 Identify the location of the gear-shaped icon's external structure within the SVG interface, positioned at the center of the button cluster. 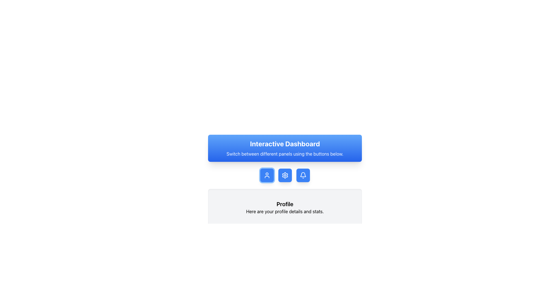
(285, 175).